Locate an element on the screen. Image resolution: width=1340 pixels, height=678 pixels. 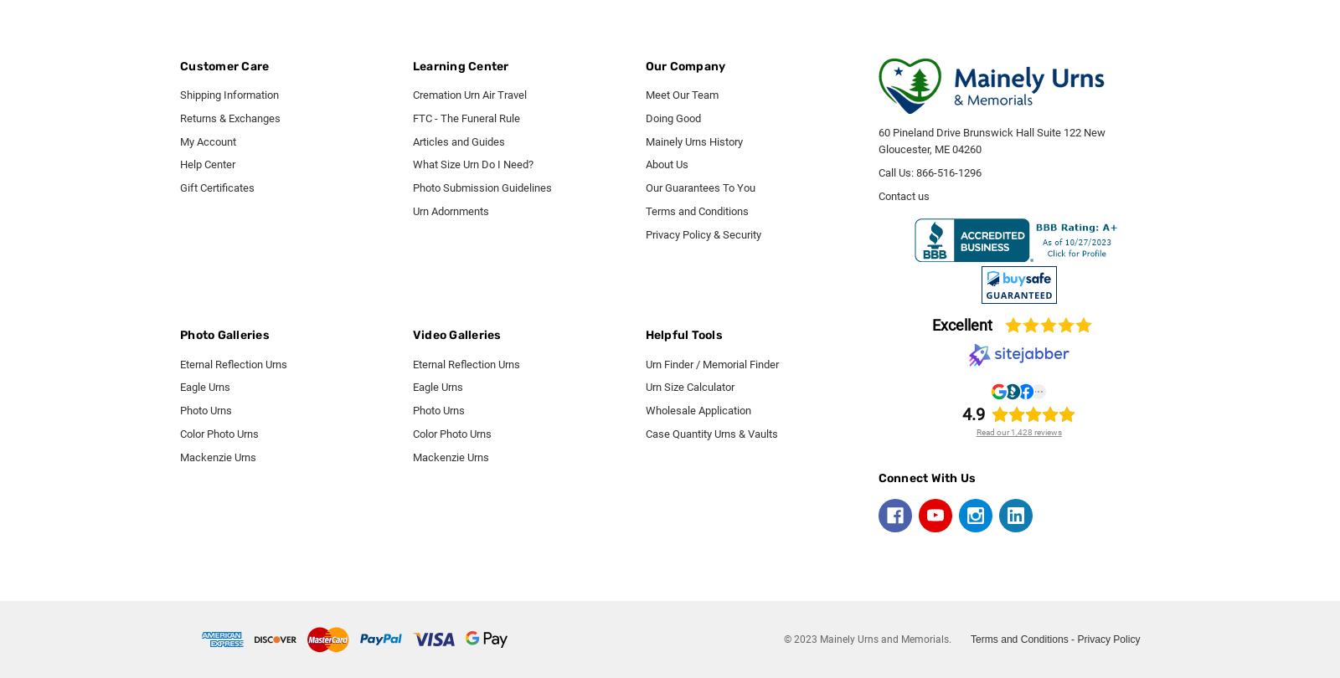
'Photo Galleries' is located at coordinates (224, 334).